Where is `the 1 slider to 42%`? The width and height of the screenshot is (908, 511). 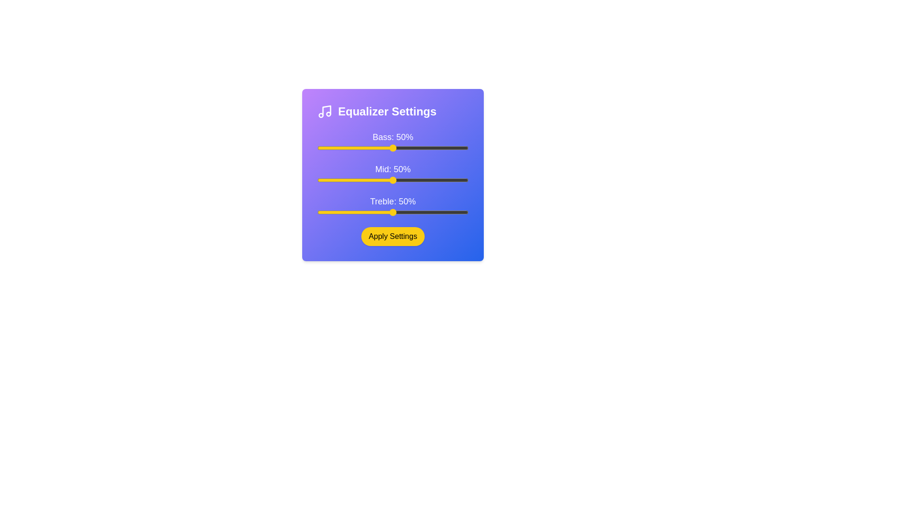 the 1 slider to 42% is located at coordinates (456, 180).